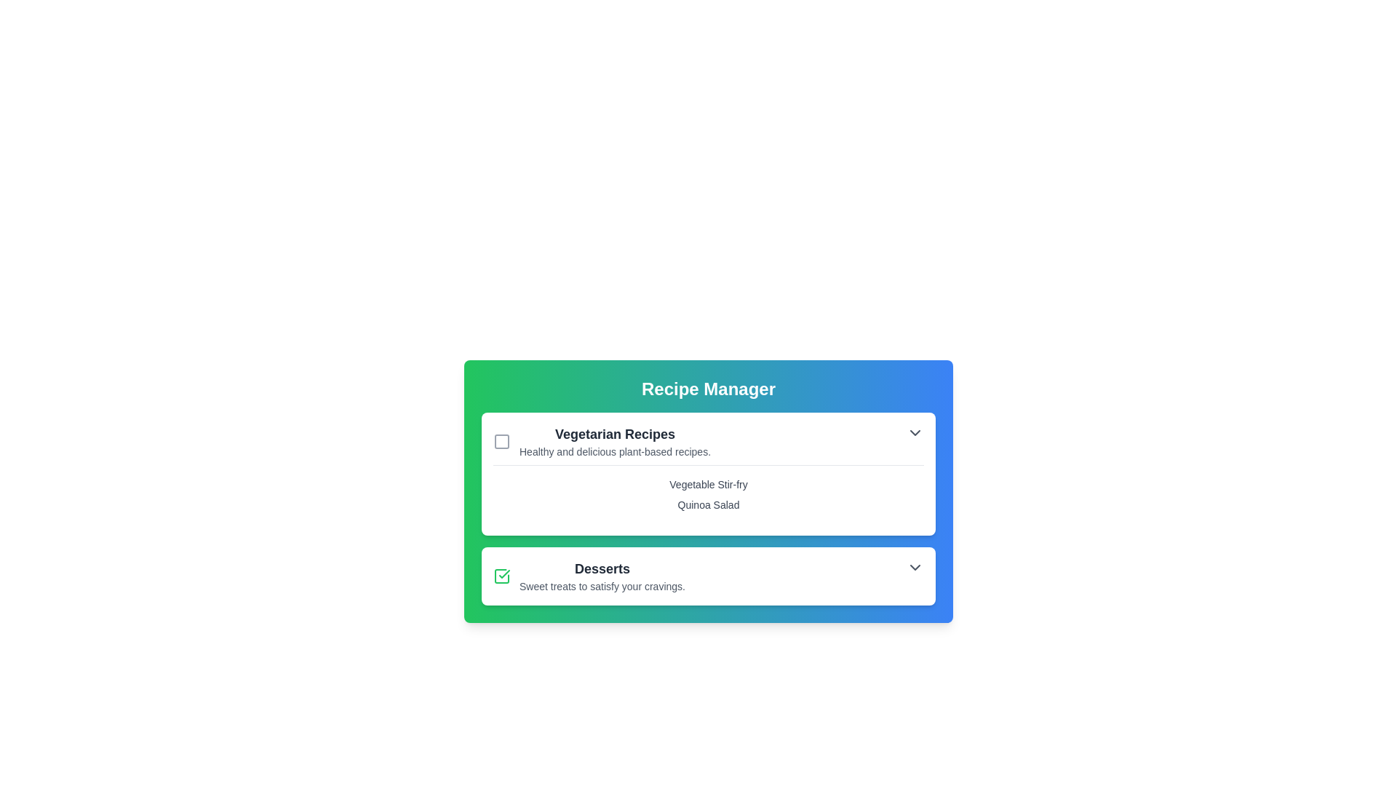 The height and width of the screenshot is (786, 1397). I want to click on the downward-facing chevron icon button in the 'Desserts' section, so click(914, 566).